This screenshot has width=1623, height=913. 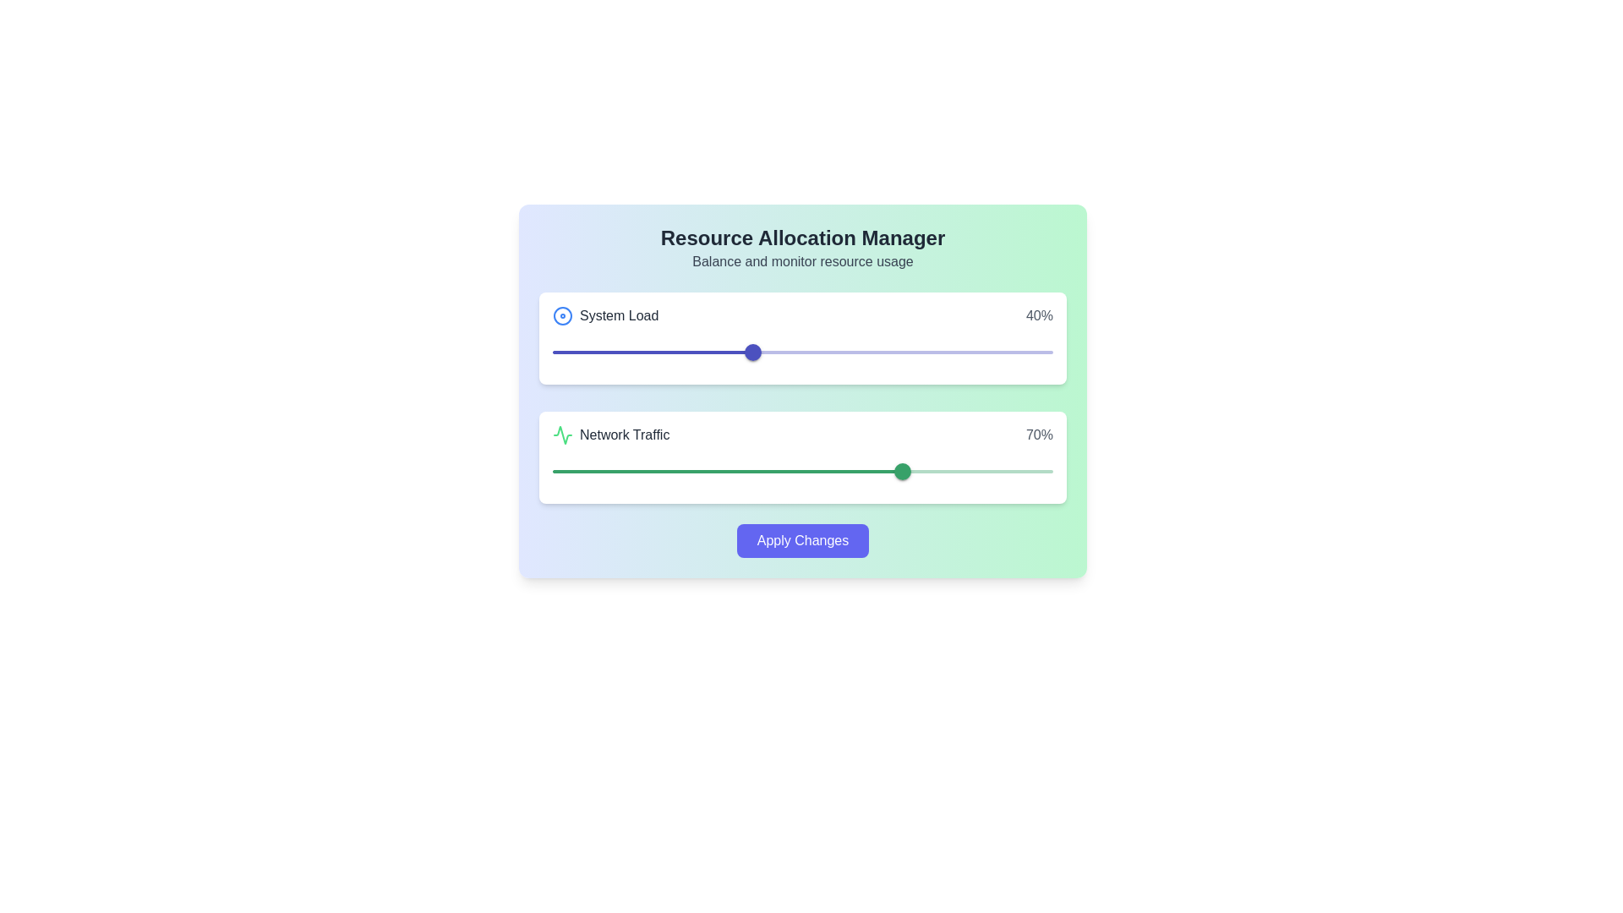 What do you see at coordinates (853, 472) in the screenshot?
I see `network traffic` at bounding box center [853, 472].